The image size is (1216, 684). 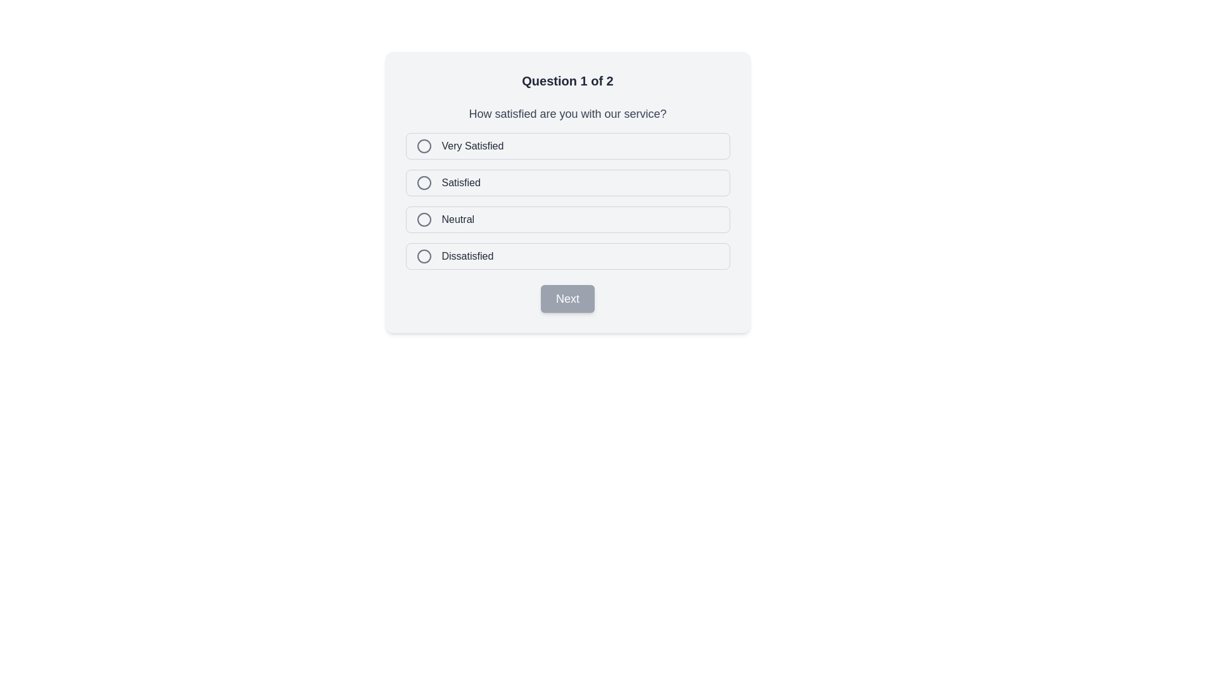 I want to click on the fourth radio button option in the satisfaction level list, so click(x=567, y=256).